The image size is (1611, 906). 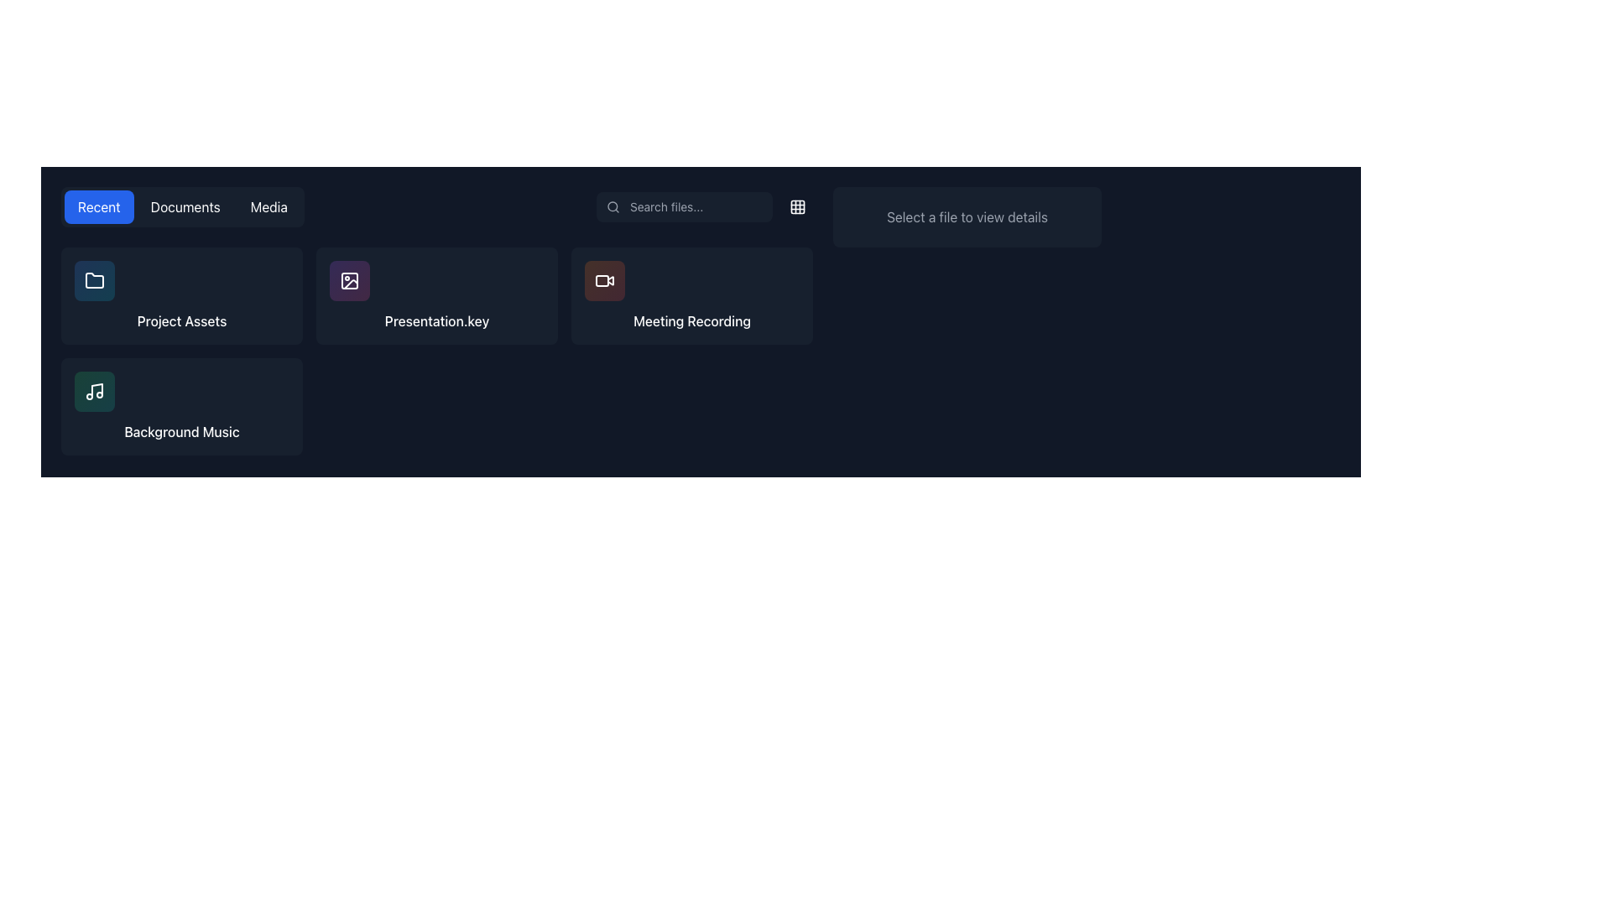 What do you see at coordinates (612, 206) in the screenshot?
I see `the SVG Circle component that visually represents a magnifying glass icon in the top right portion of the interface, specifically within the searchable input field area` at bounding box center [612, 206].